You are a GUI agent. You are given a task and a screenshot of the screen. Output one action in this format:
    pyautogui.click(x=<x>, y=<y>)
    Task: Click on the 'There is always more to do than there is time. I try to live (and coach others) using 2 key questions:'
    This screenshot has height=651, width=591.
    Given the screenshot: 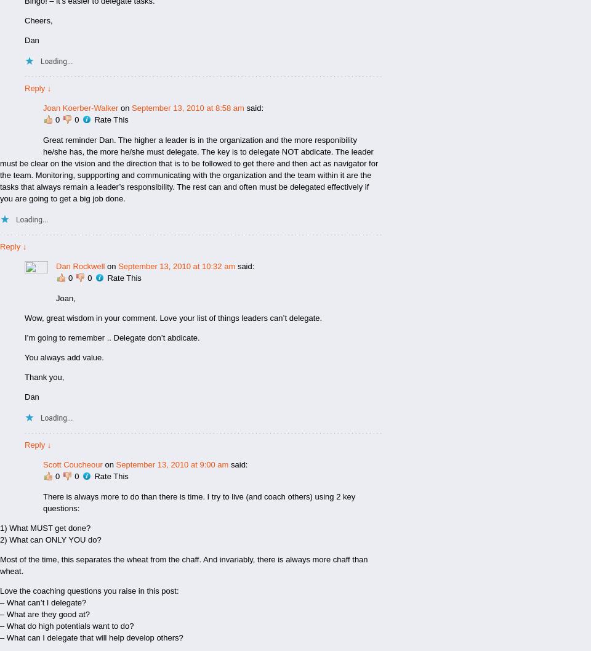 What is the action you would take?
    pyautogui.click(x=42, y=503)
    